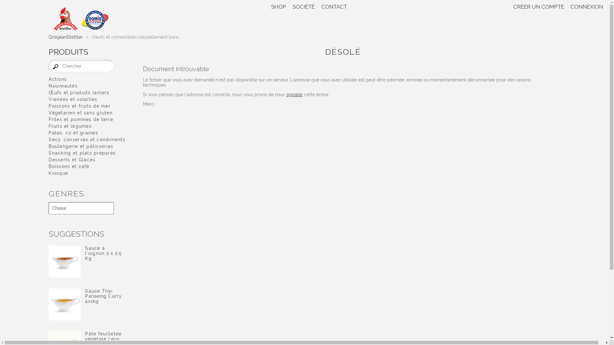 The height and width of the screenshot is (345, 614). Describe the element at coordinates (280, 6) in the screenshot. I see `'SHOP'` at that location.